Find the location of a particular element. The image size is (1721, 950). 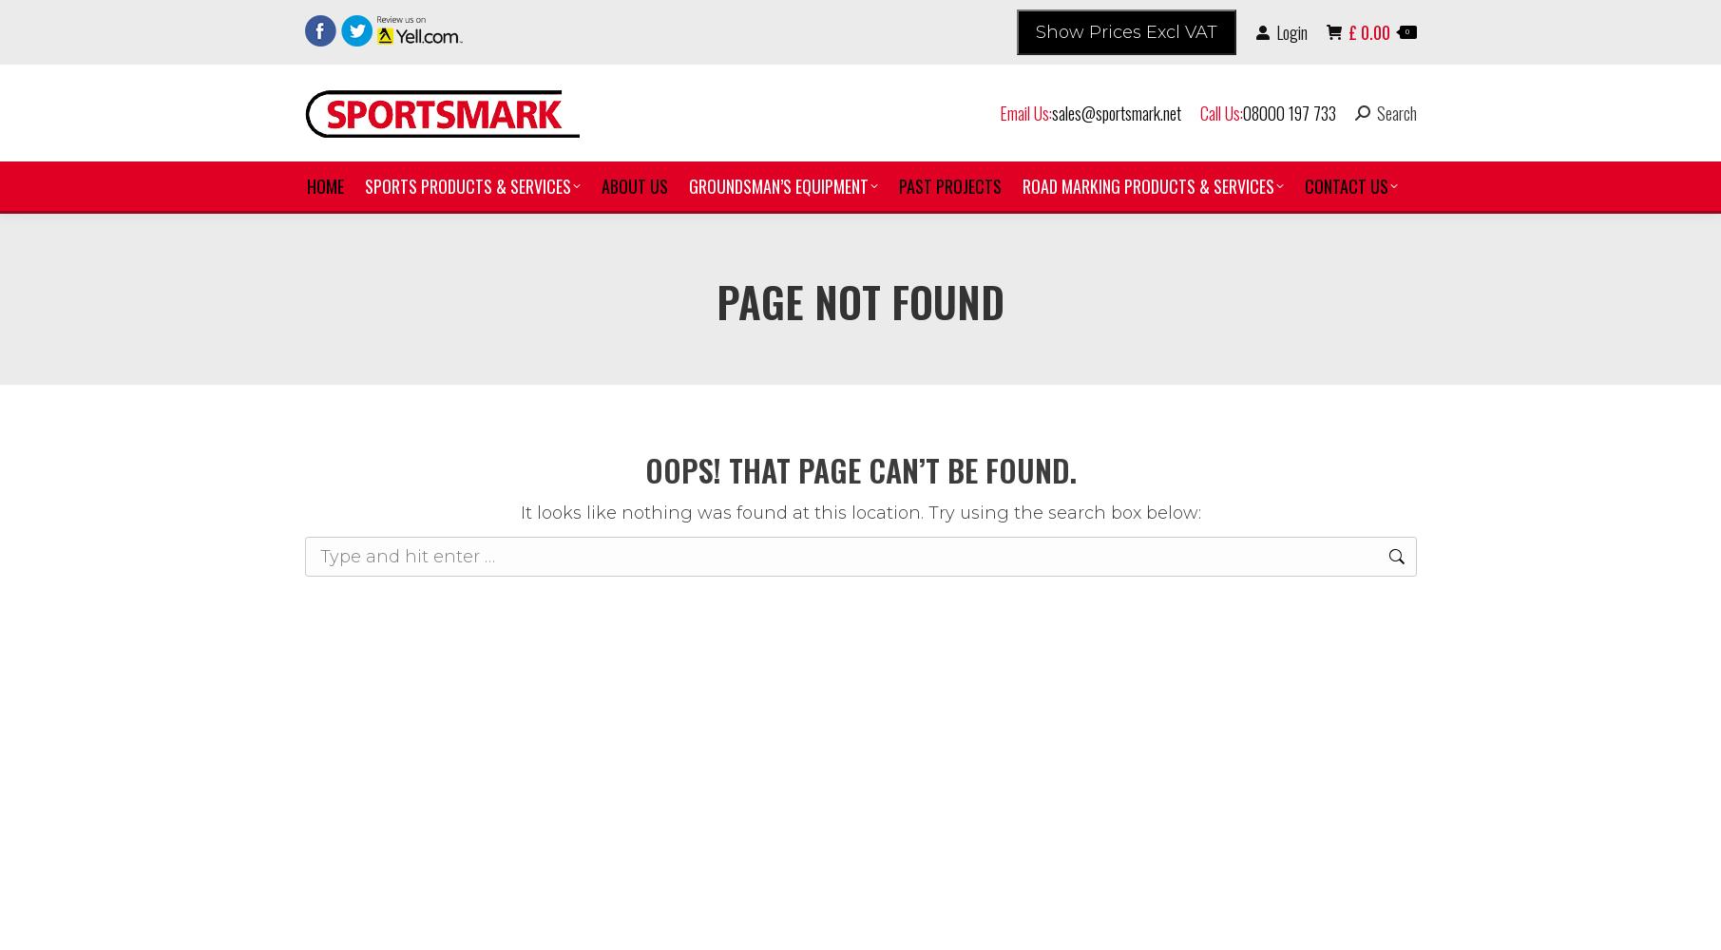

'Bike Polo' is located at coordinates (416, 446).